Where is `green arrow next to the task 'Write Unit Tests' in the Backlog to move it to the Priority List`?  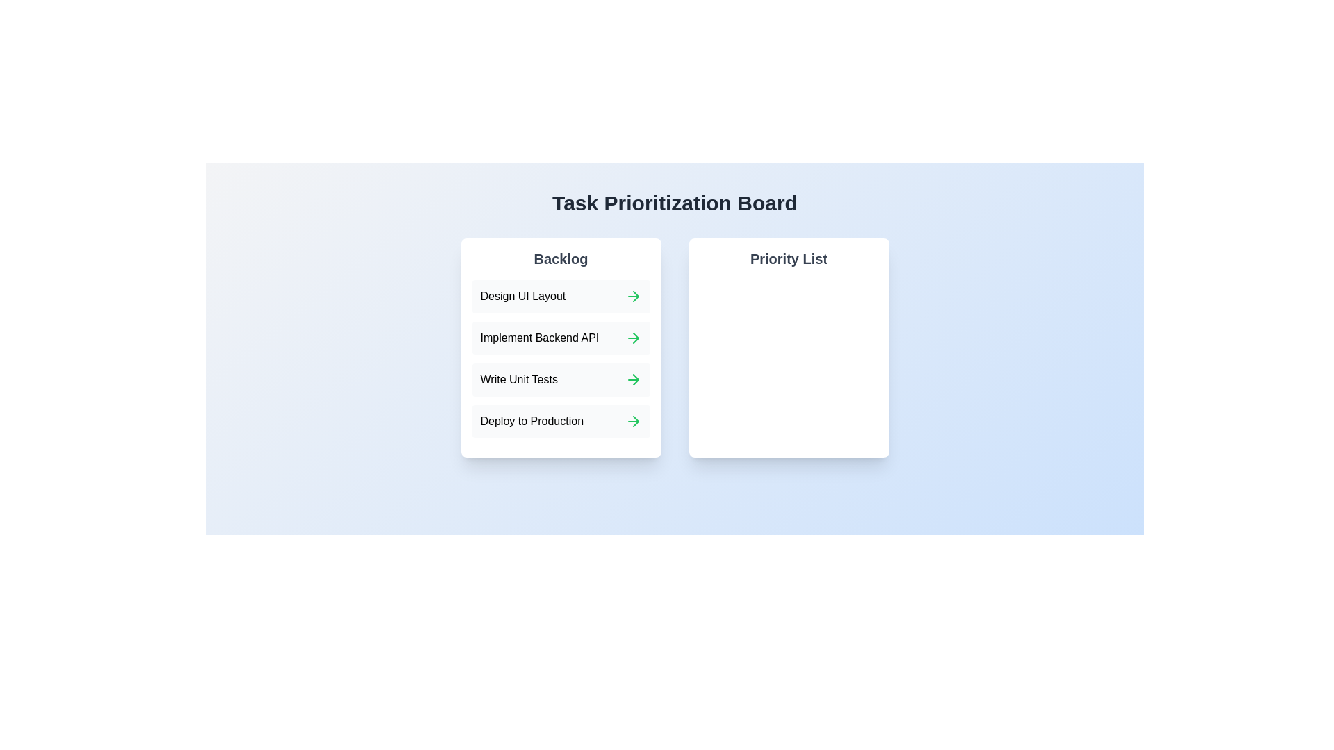 green arrow next to the task 'Write Unit Tests' in the Backlog to move it to the Priority List is located at coordinates (632, 380).